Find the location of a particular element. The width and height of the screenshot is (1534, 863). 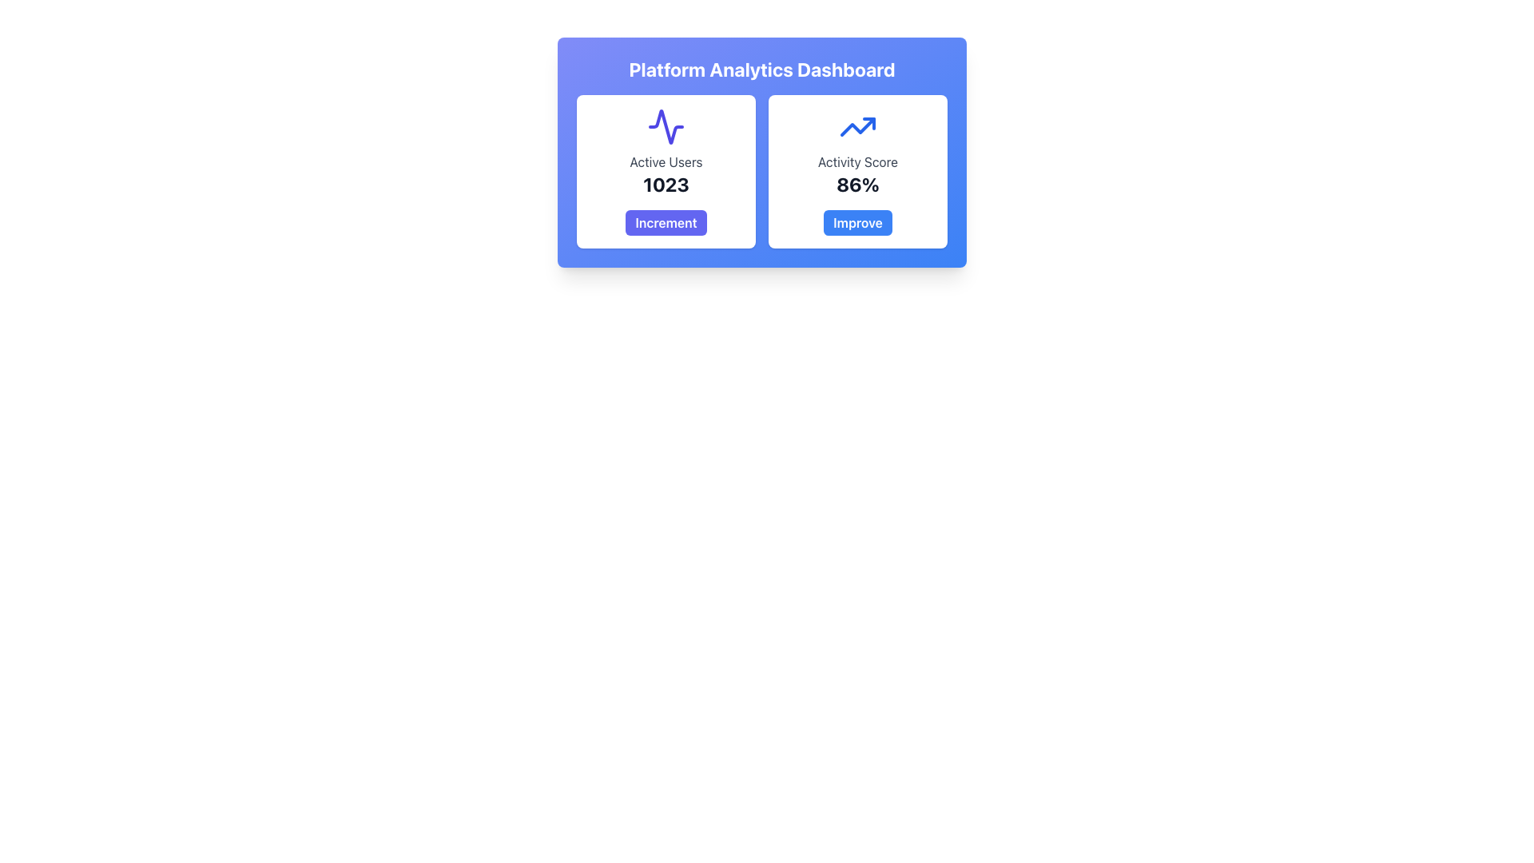

the label element that serves as a title for the metric score, located in the right card of the 'Platform Analytics Dashboard', centered below the upward-trending arrow icon and above the '86%' text is located at coordinates (857, 162).